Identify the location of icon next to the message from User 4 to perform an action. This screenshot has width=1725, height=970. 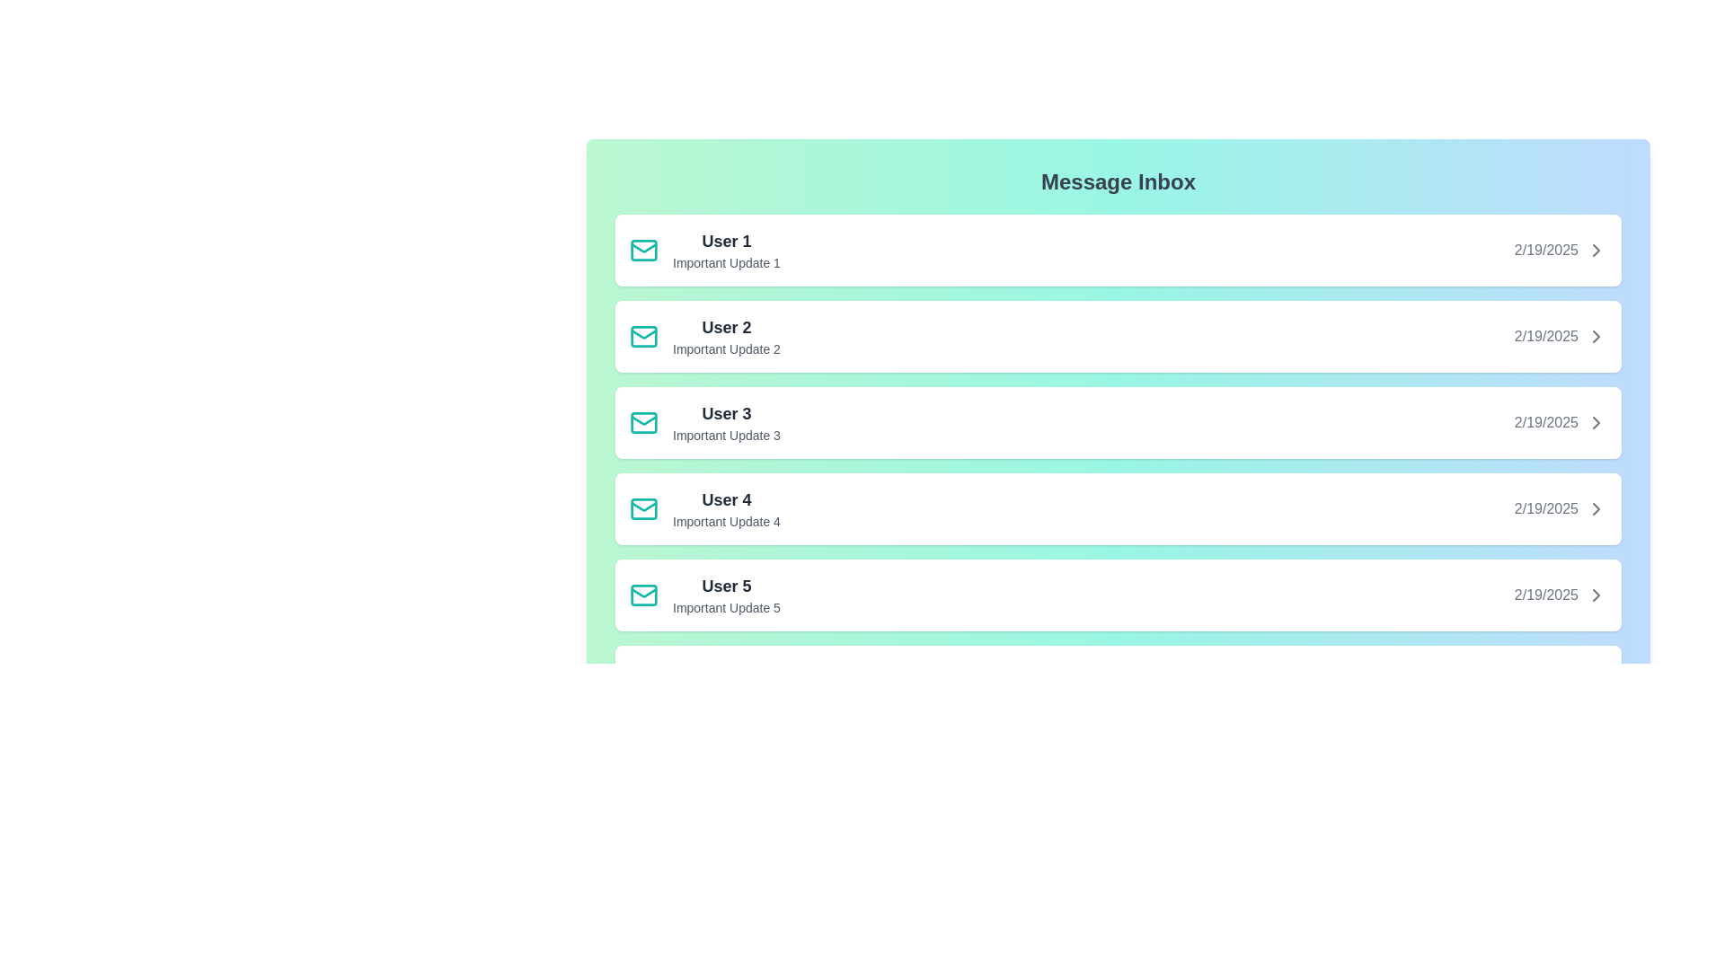
(643, 509).